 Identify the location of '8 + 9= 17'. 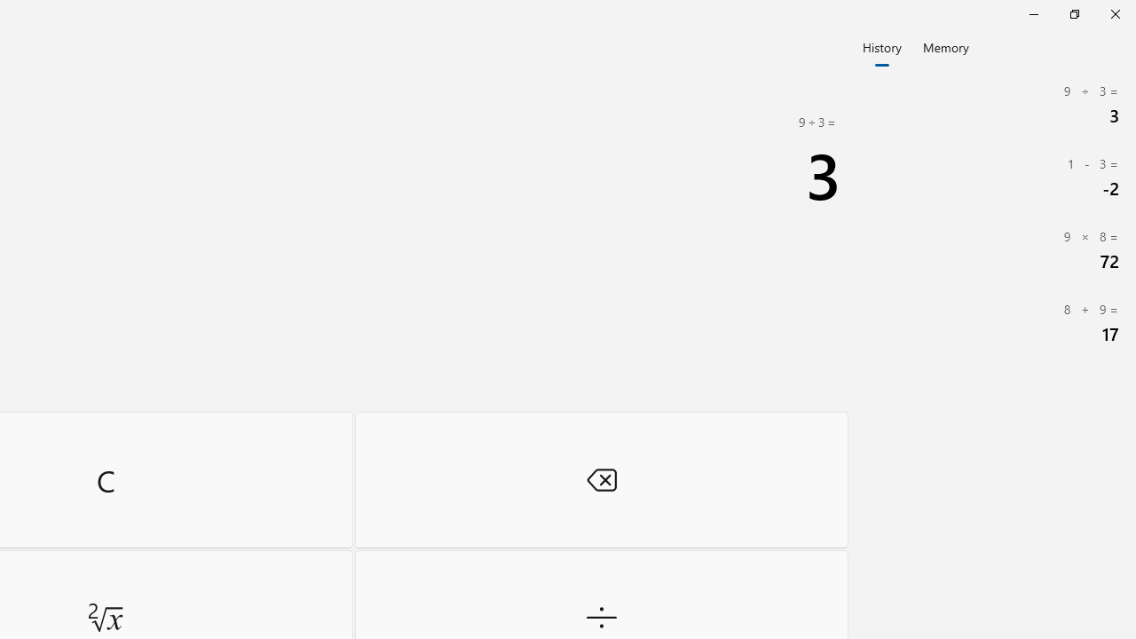
(994, 322).